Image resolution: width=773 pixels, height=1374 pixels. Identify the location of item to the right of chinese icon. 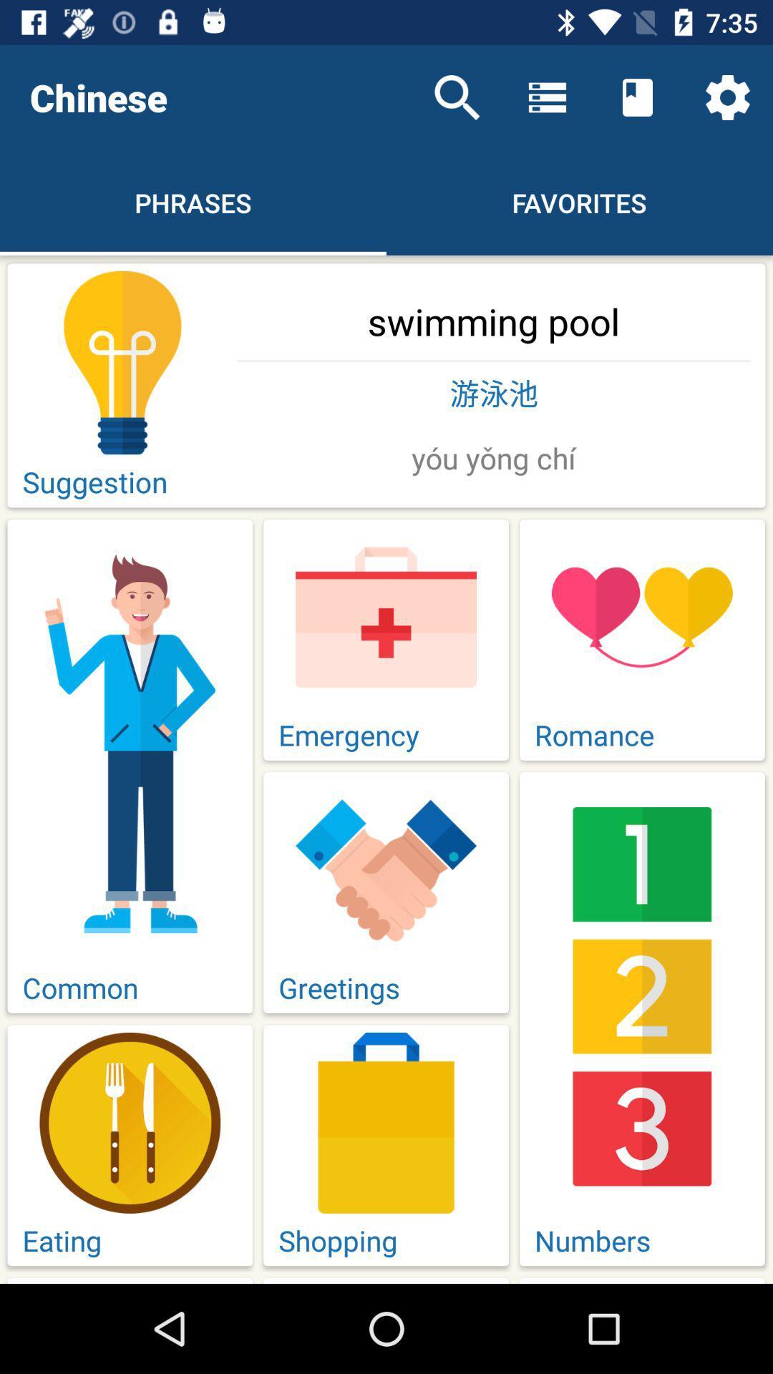
(457, 97).